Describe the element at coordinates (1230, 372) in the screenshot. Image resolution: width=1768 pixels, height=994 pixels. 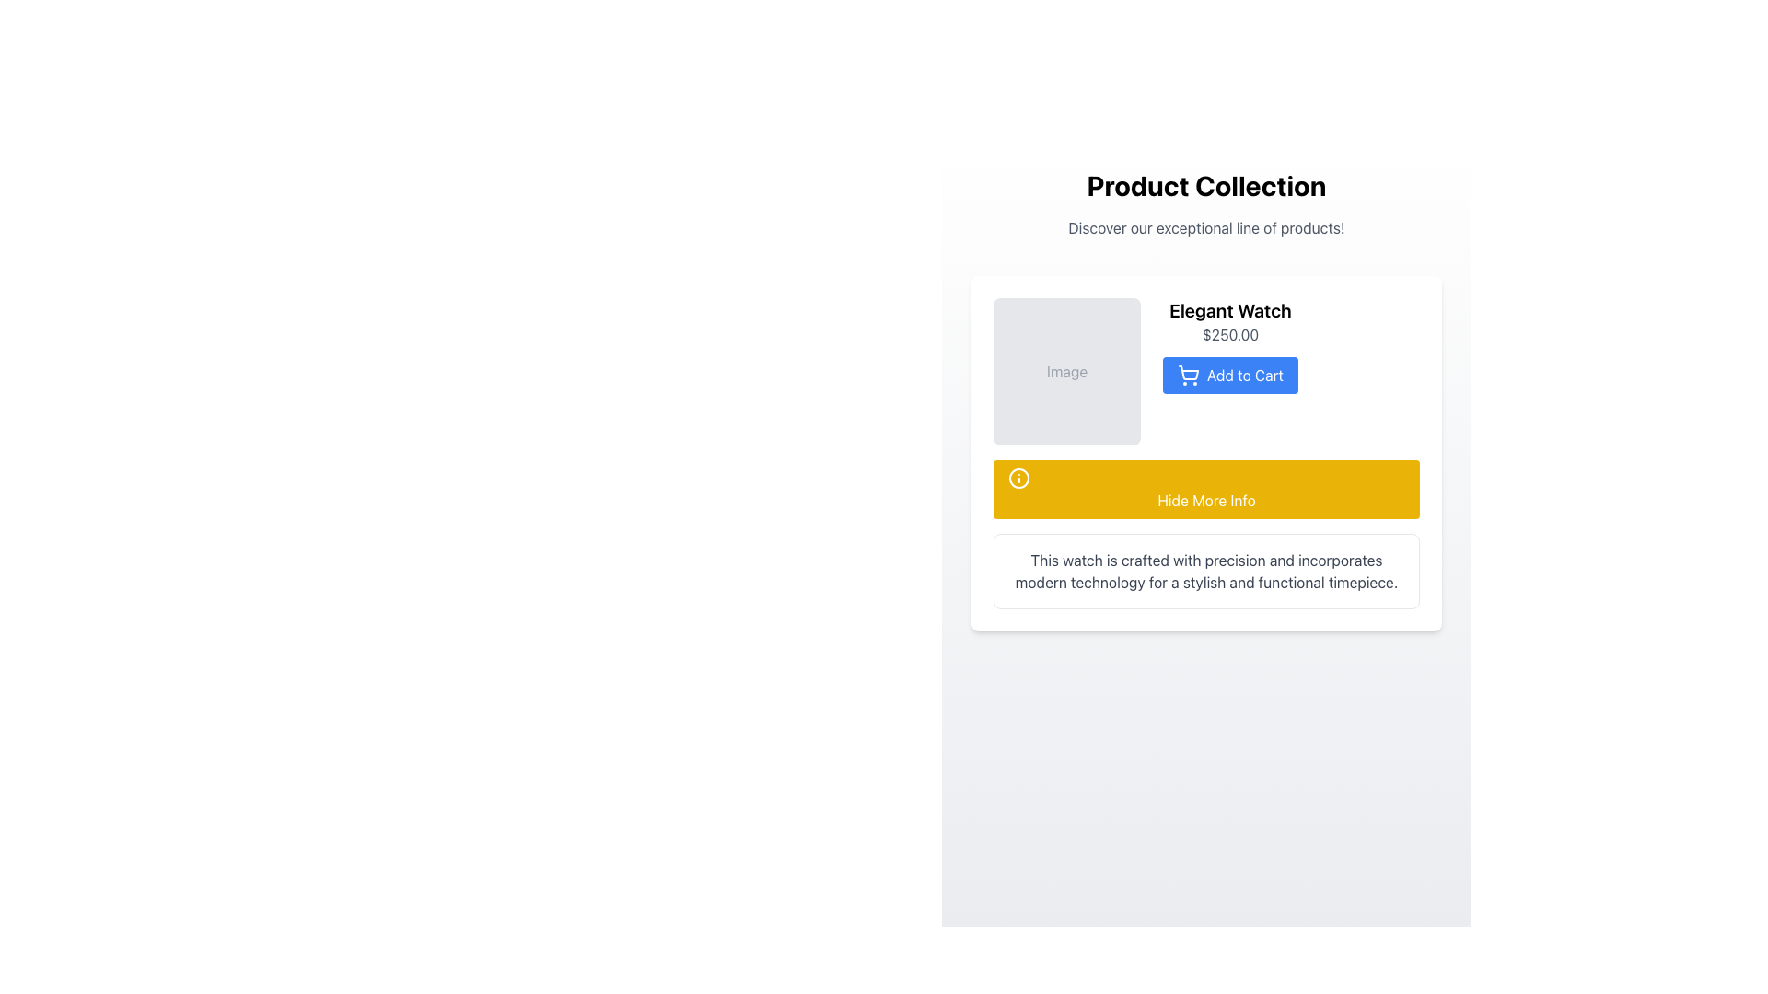
I see `the 'Add to Cart' button for the product 'Elegant Watch'` at that location.